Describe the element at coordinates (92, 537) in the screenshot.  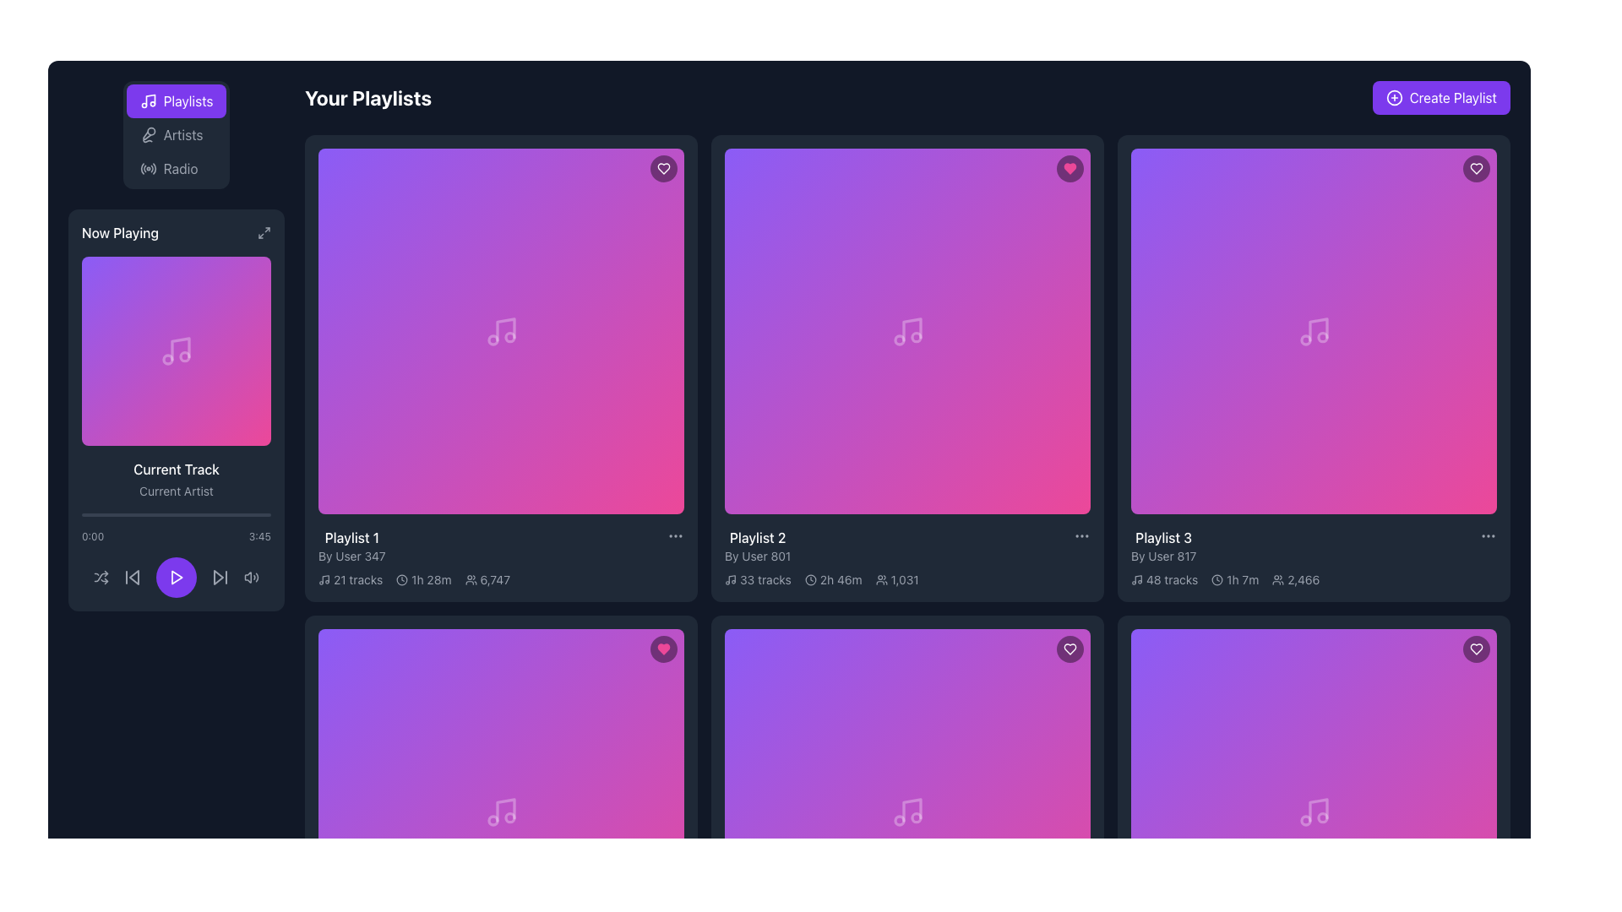
I see `the text label displaying '0:00' in a small, gray font located in the 'Now Playing' section, beneath the artwork and track information` at that location.